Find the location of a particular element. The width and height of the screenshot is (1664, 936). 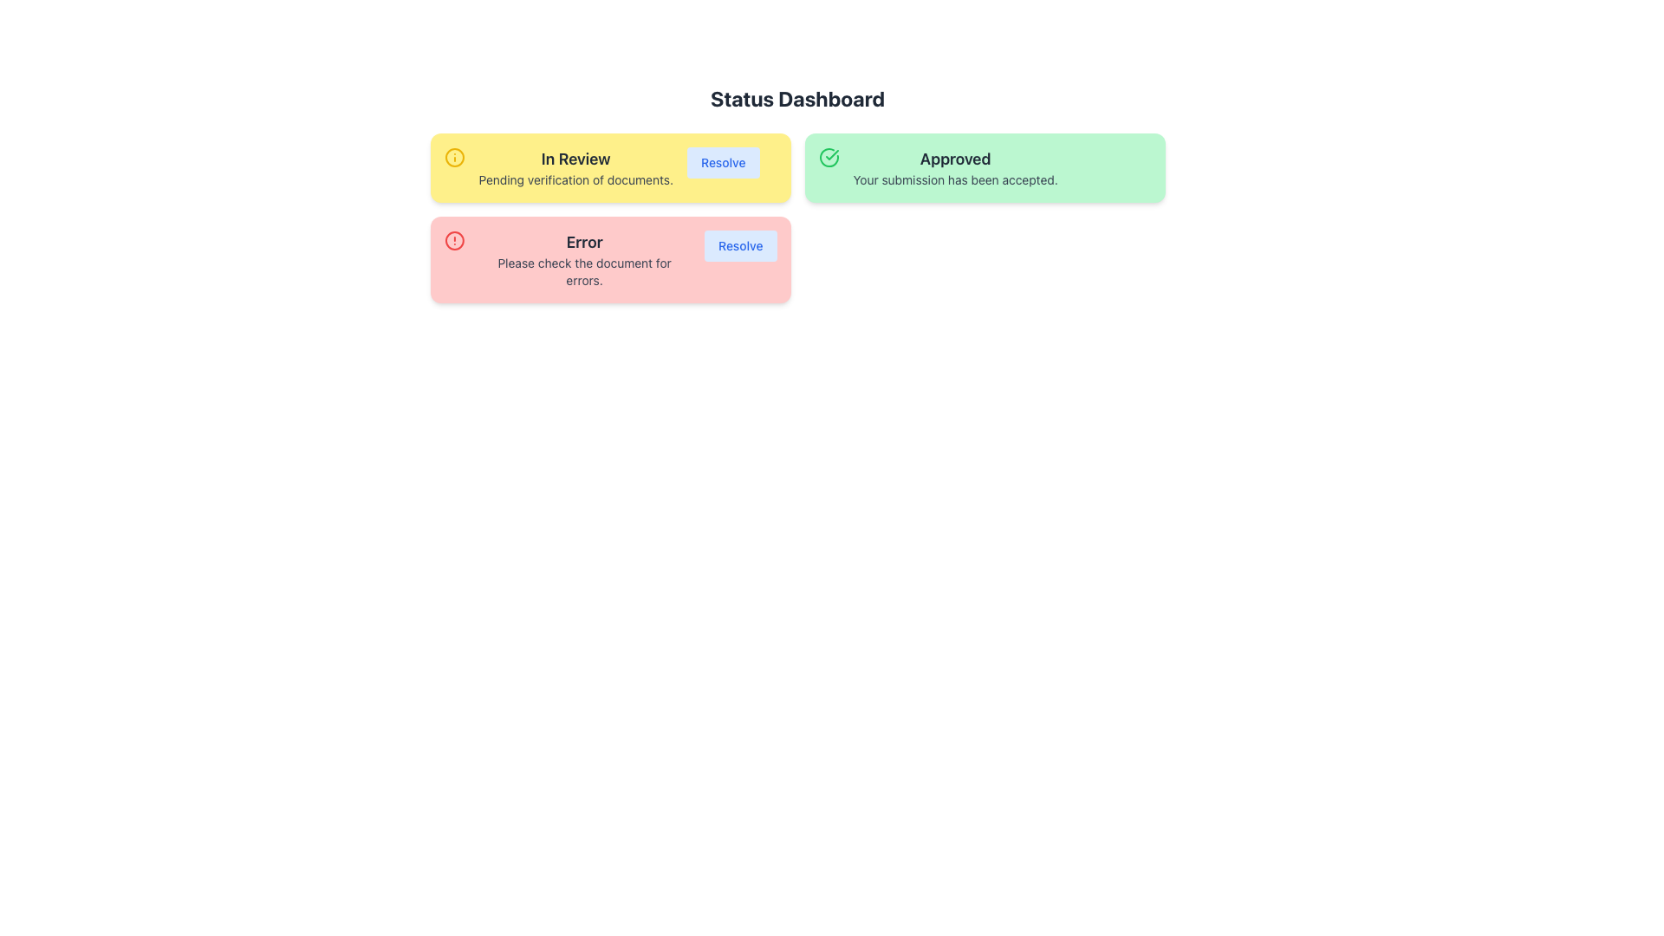

the Notification card with the title 'In Review' is located at coordinates (610, 167).